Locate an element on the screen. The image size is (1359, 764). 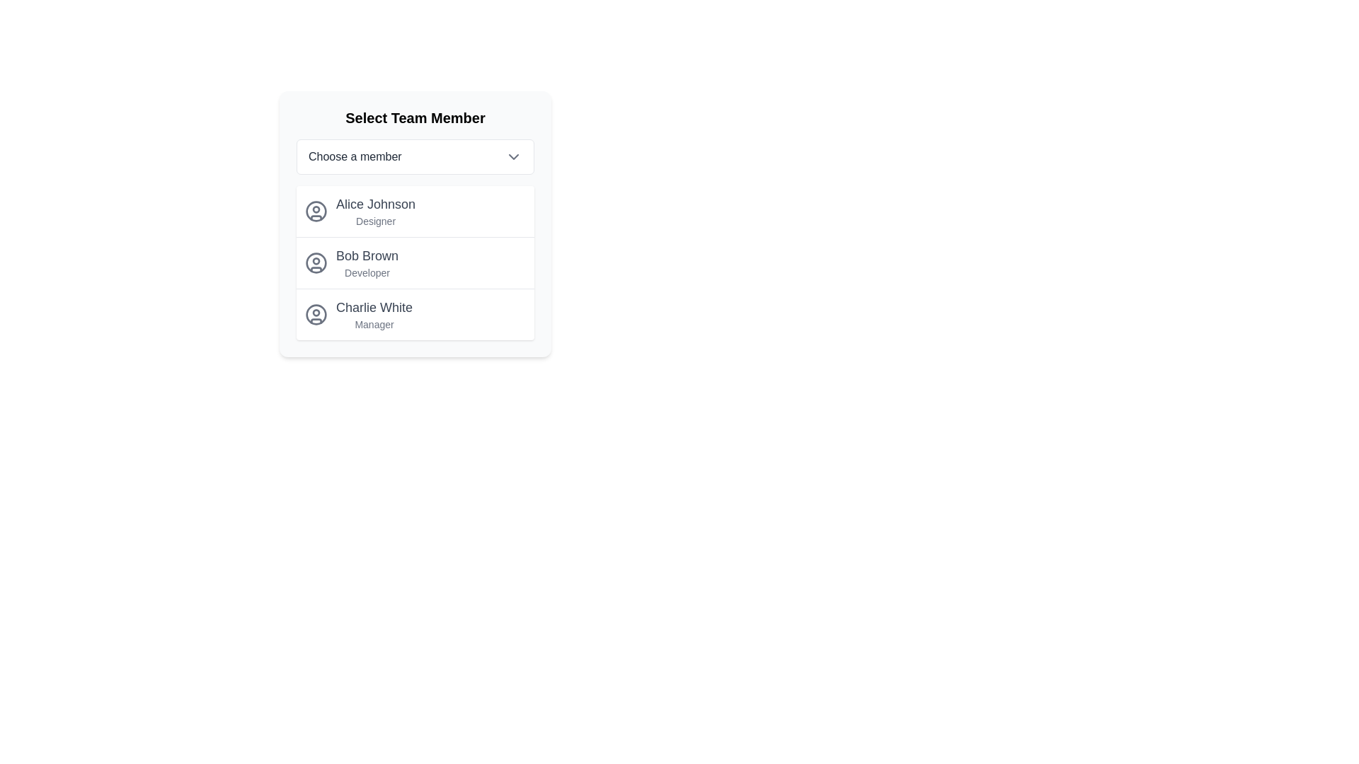
the text label identifying the team member named 'Bob Brown', which is located in the second position under the 'Select Team Member' section is located at coordinates (367, 256).